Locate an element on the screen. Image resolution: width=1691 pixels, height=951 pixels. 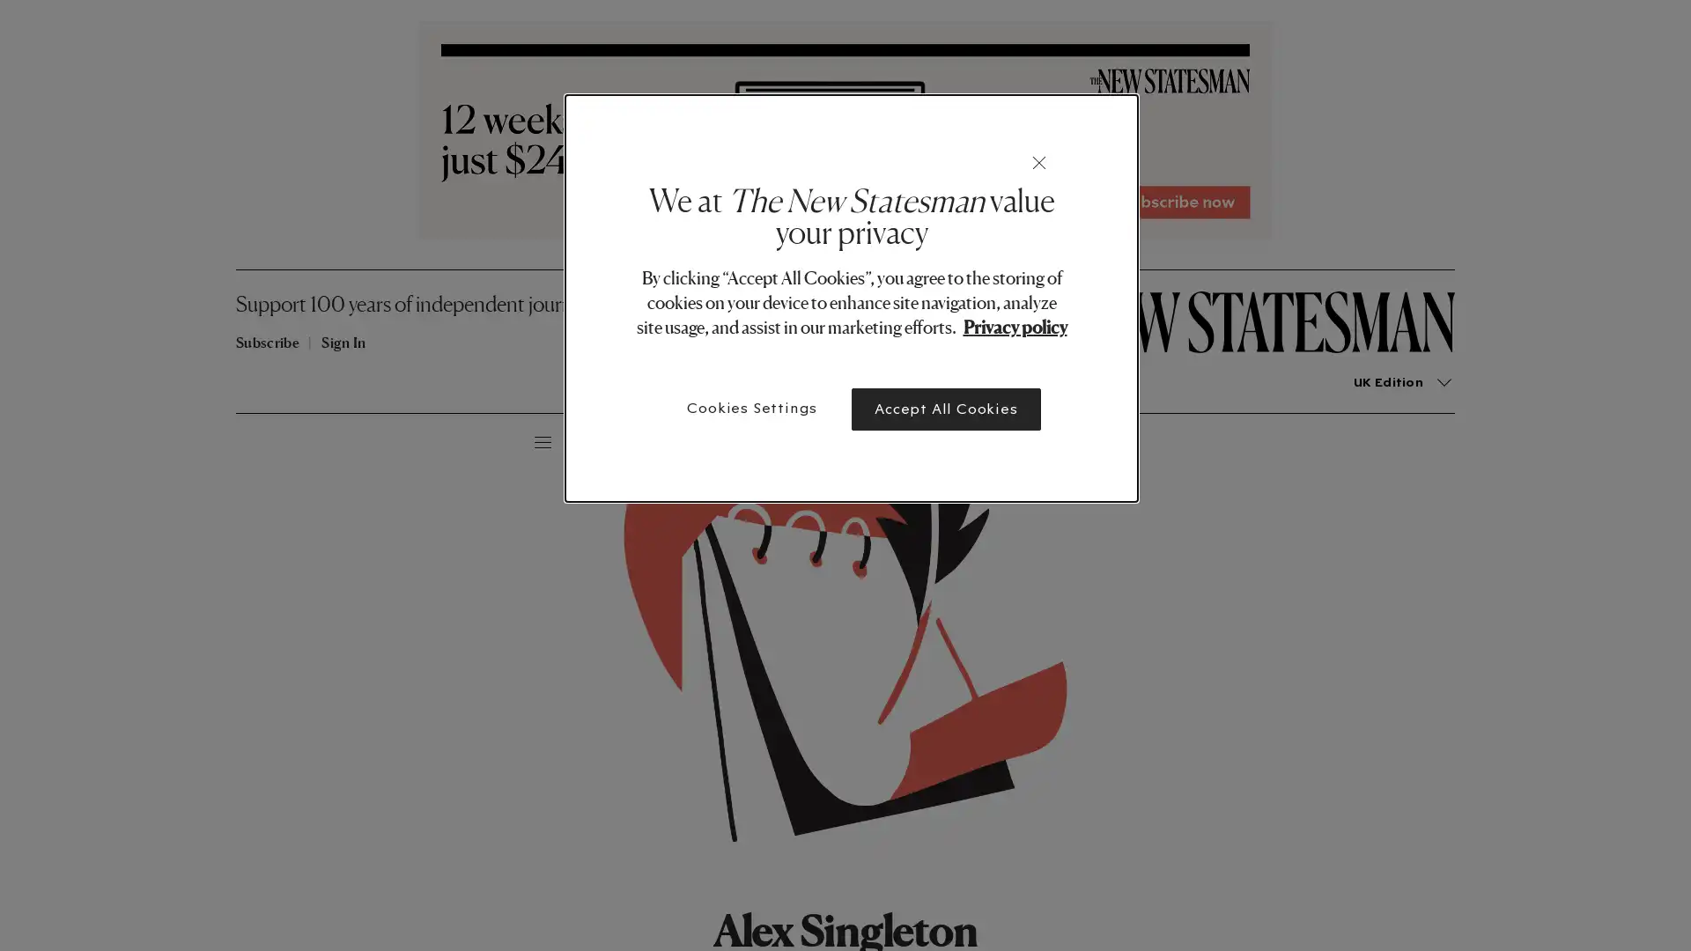
Close is located at coordinates (1039, 163).